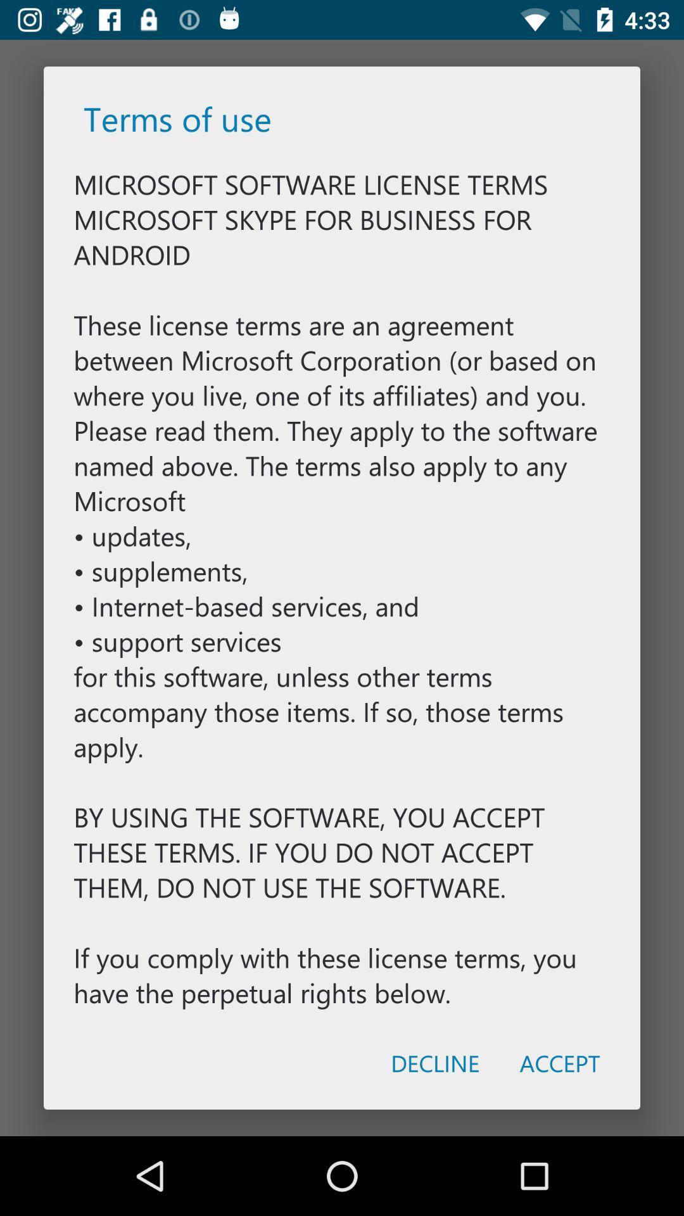  I want to click on the icon to the left of the accept icon, so click(434, 1063).